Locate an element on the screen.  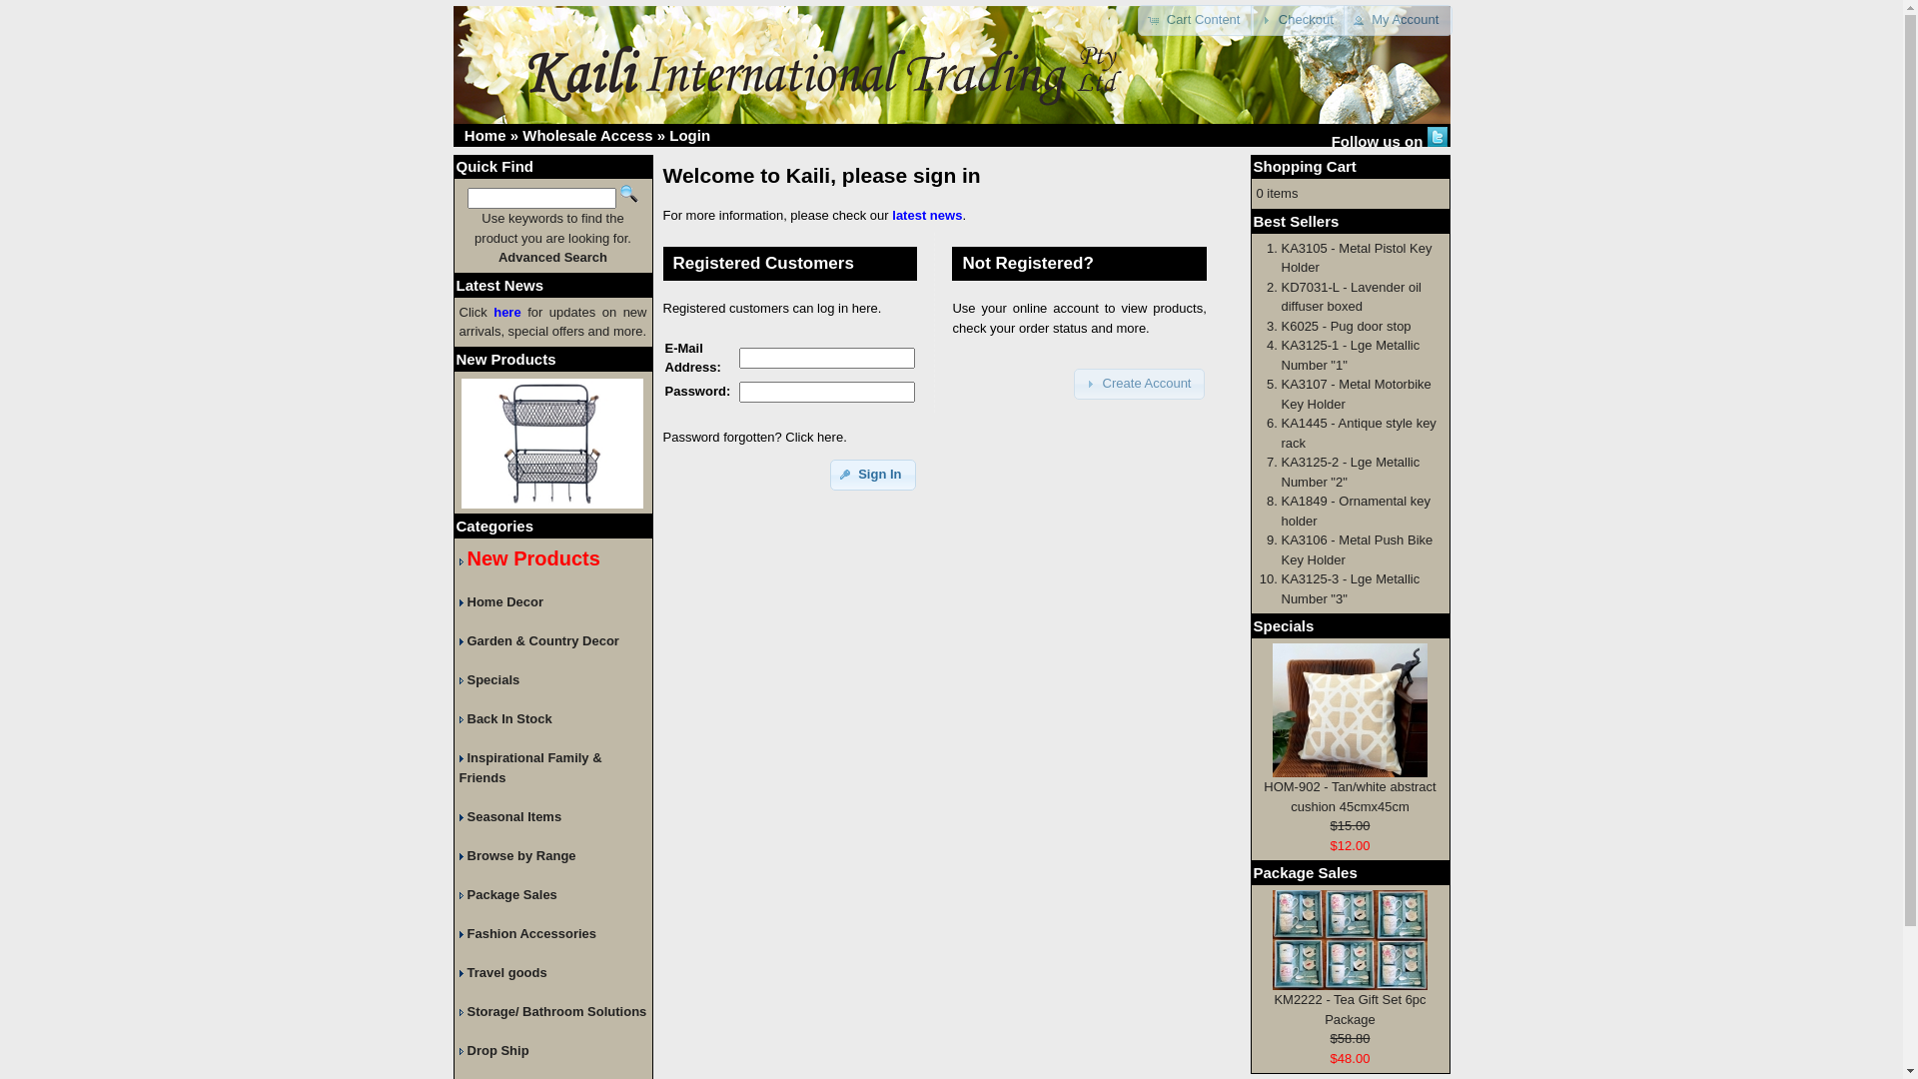
'Drop Ship' is located at coordinates (493, 1049).